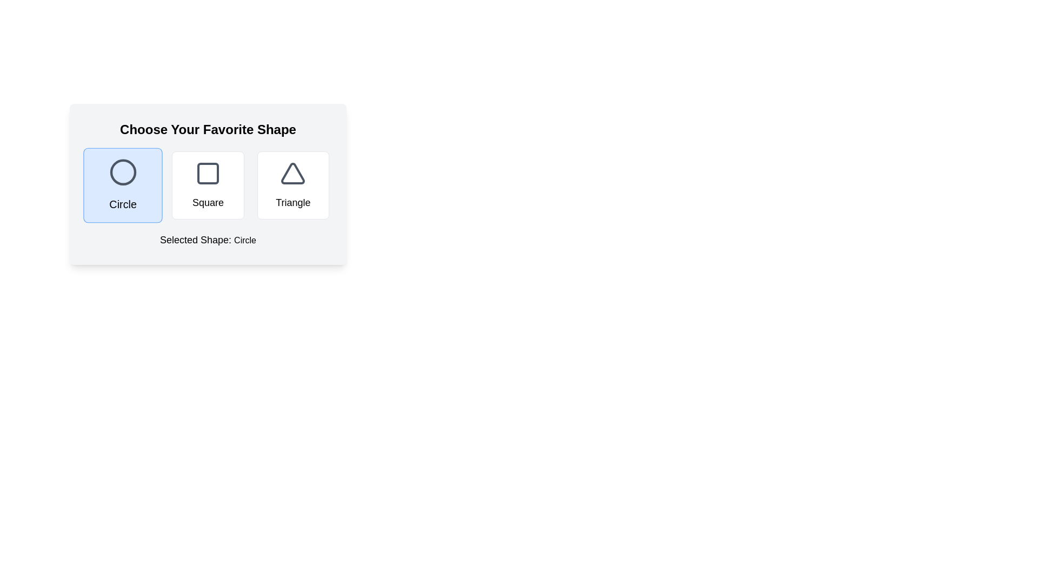 The width and height of the screenshot is (1038, 584). I want to click on the button labeled 'Square', so click(208, 185).